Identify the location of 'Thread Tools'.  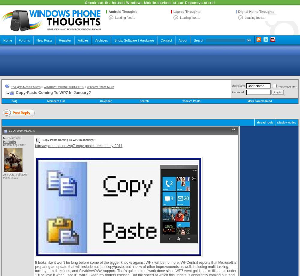
(265, 122).